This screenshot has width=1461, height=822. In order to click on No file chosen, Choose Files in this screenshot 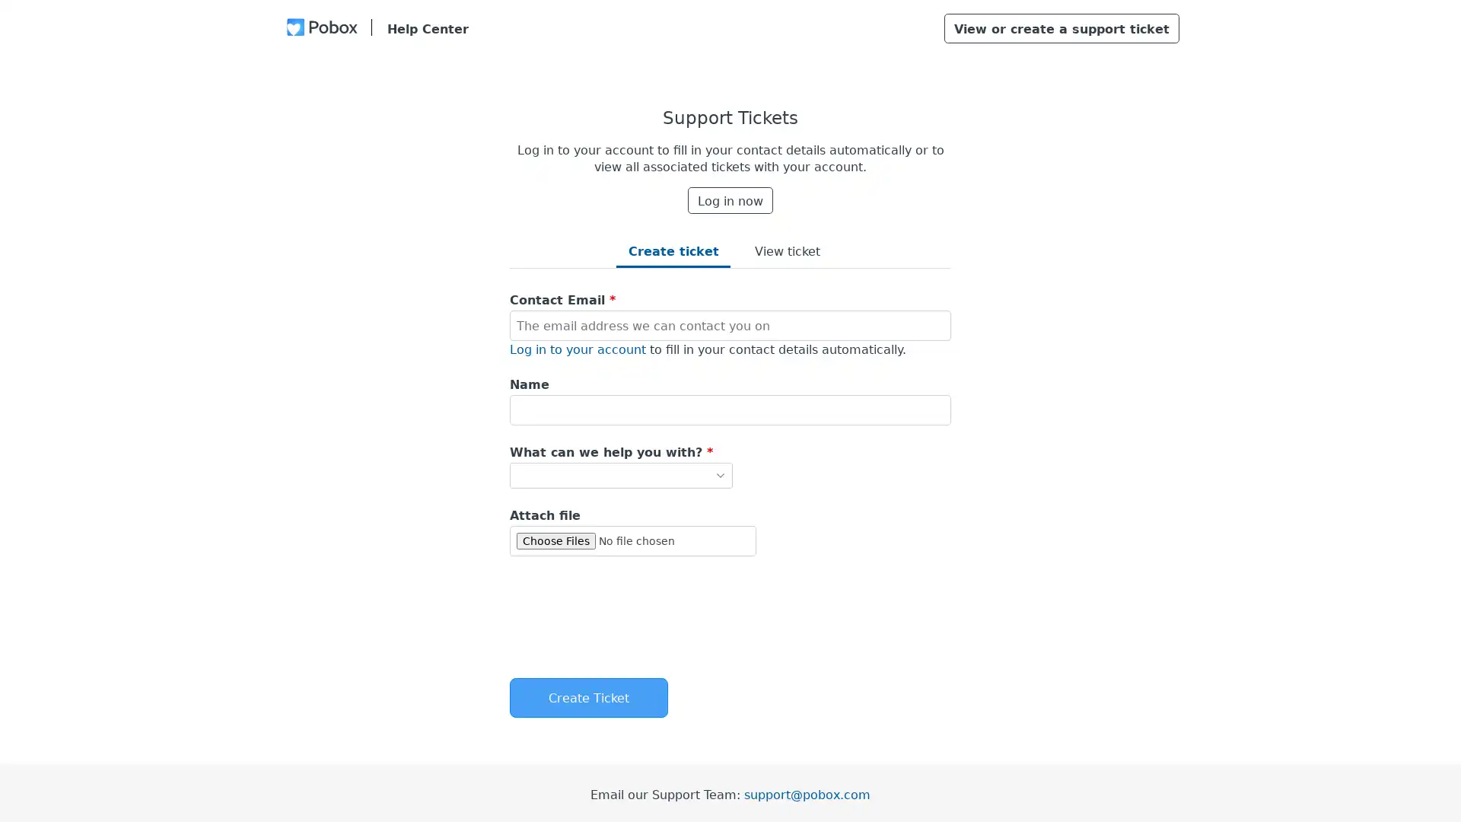, I will do `click(632, 539)`.